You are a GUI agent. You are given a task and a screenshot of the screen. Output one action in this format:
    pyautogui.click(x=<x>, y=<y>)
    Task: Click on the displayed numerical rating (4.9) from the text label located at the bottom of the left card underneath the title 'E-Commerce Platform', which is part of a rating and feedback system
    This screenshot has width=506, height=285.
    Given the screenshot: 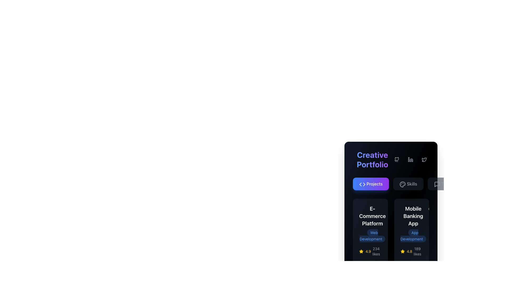 What is the action you would take?
    pyautogui.click(x=368, y=251)
    